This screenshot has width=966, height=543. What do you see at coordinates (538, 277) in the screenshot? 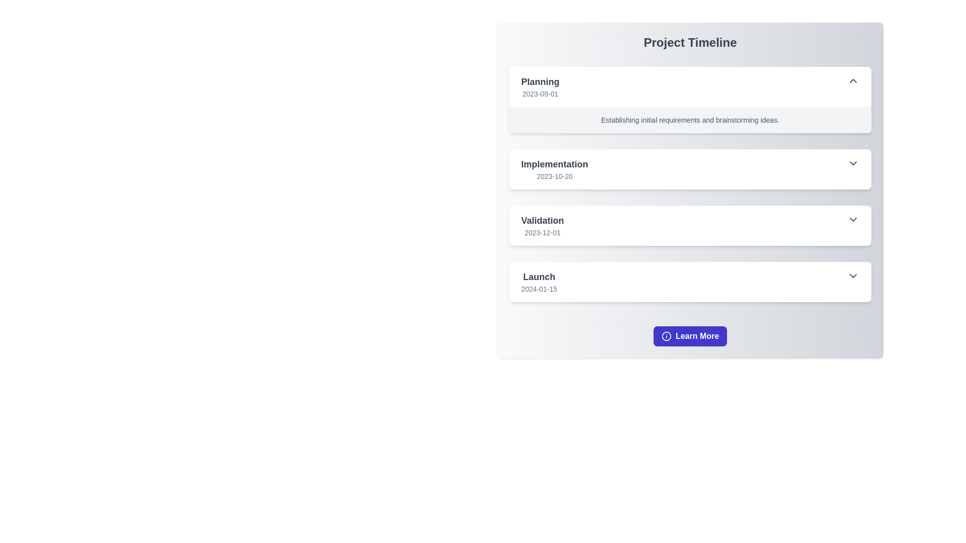
I see `the 'Launch' text label, which is styled in bold and dark gray, located at the bottom of the vertical timeline` at bounding box center [538, 277].